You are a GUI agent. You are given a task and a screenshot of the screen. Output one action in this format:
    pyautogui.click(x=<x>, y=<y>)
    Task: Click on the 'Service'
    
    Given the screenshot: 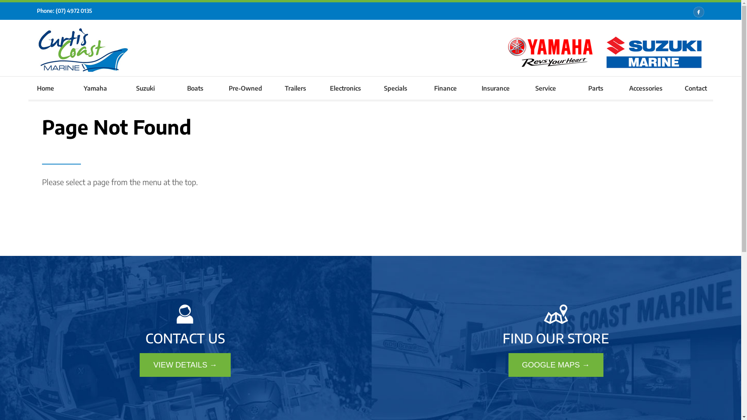 What is the action you would take?
    pyautogui.click(x=521, y=87)
    